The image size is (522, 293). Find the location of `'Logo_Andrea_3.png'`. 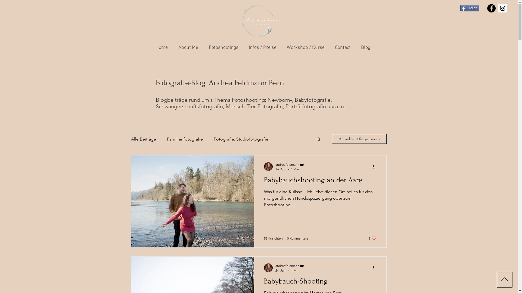

'Logo_Andrea_3.png' is located at coordinates (261, 21).